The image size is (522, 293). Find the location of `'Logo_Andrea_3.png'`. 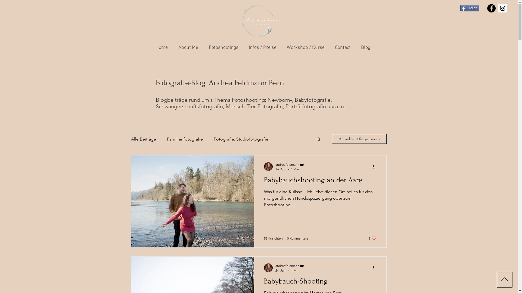

'Logo_Andrea_3.png' is located at coordinates (261, 21).